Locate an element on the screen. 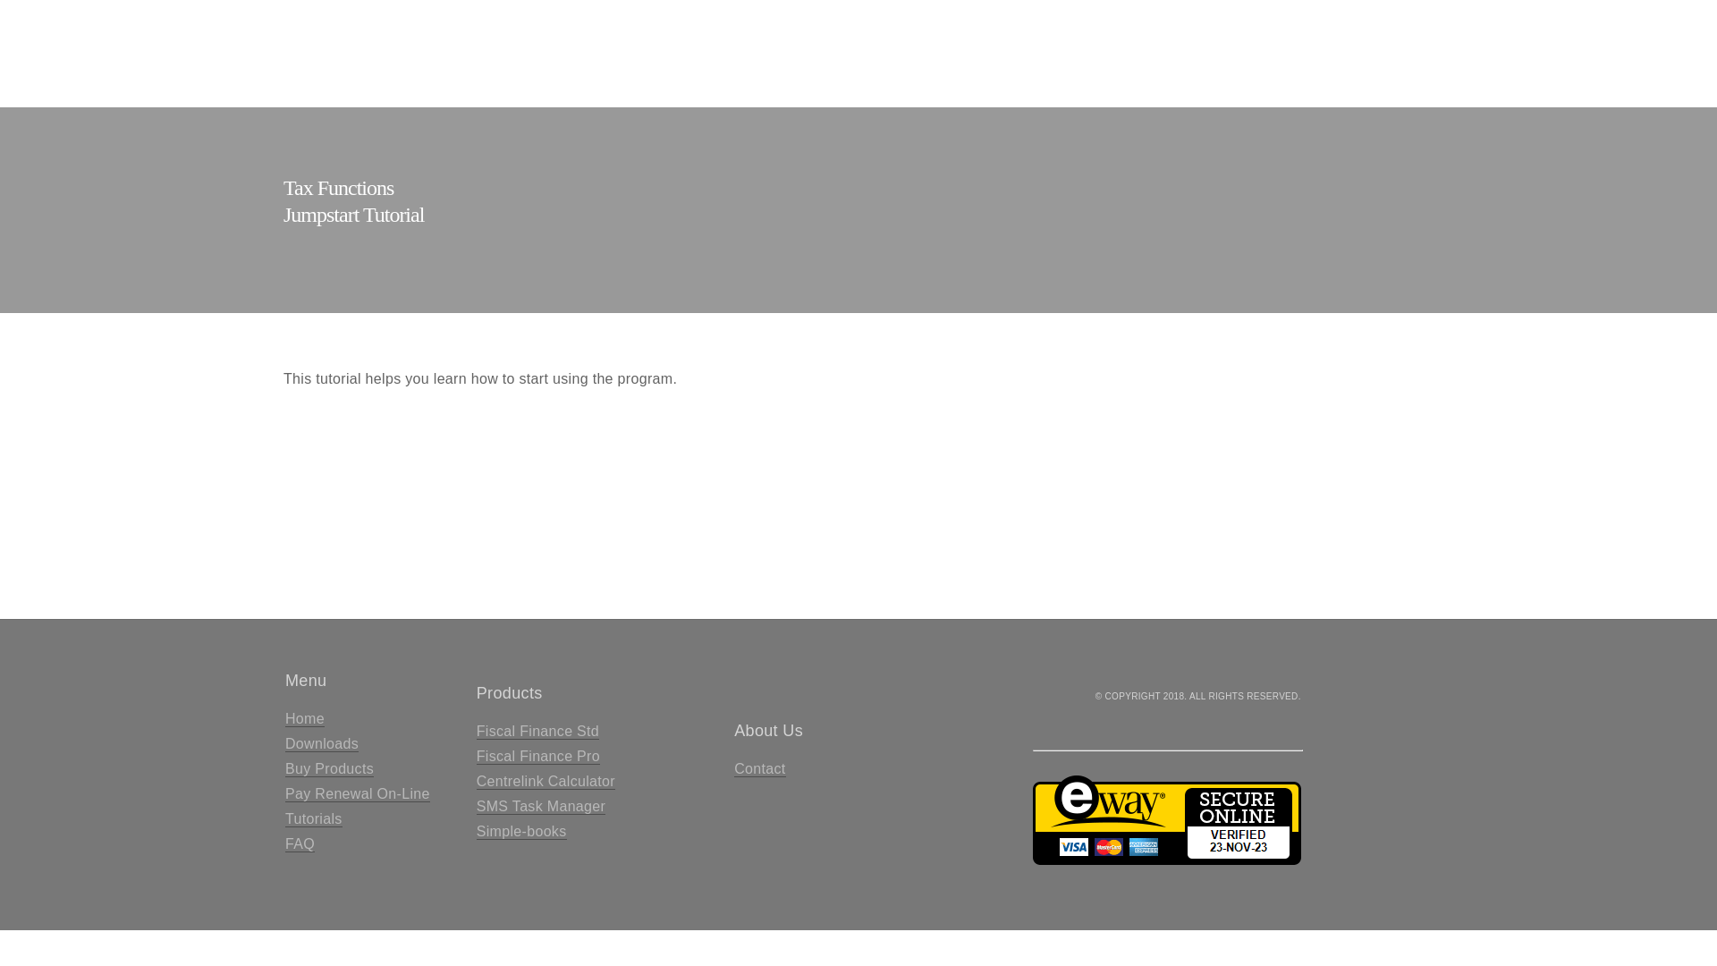 Image resolution: width=1717 pixels, height=966 pixels. 'Downloads' is located at coordinates (322, 744).